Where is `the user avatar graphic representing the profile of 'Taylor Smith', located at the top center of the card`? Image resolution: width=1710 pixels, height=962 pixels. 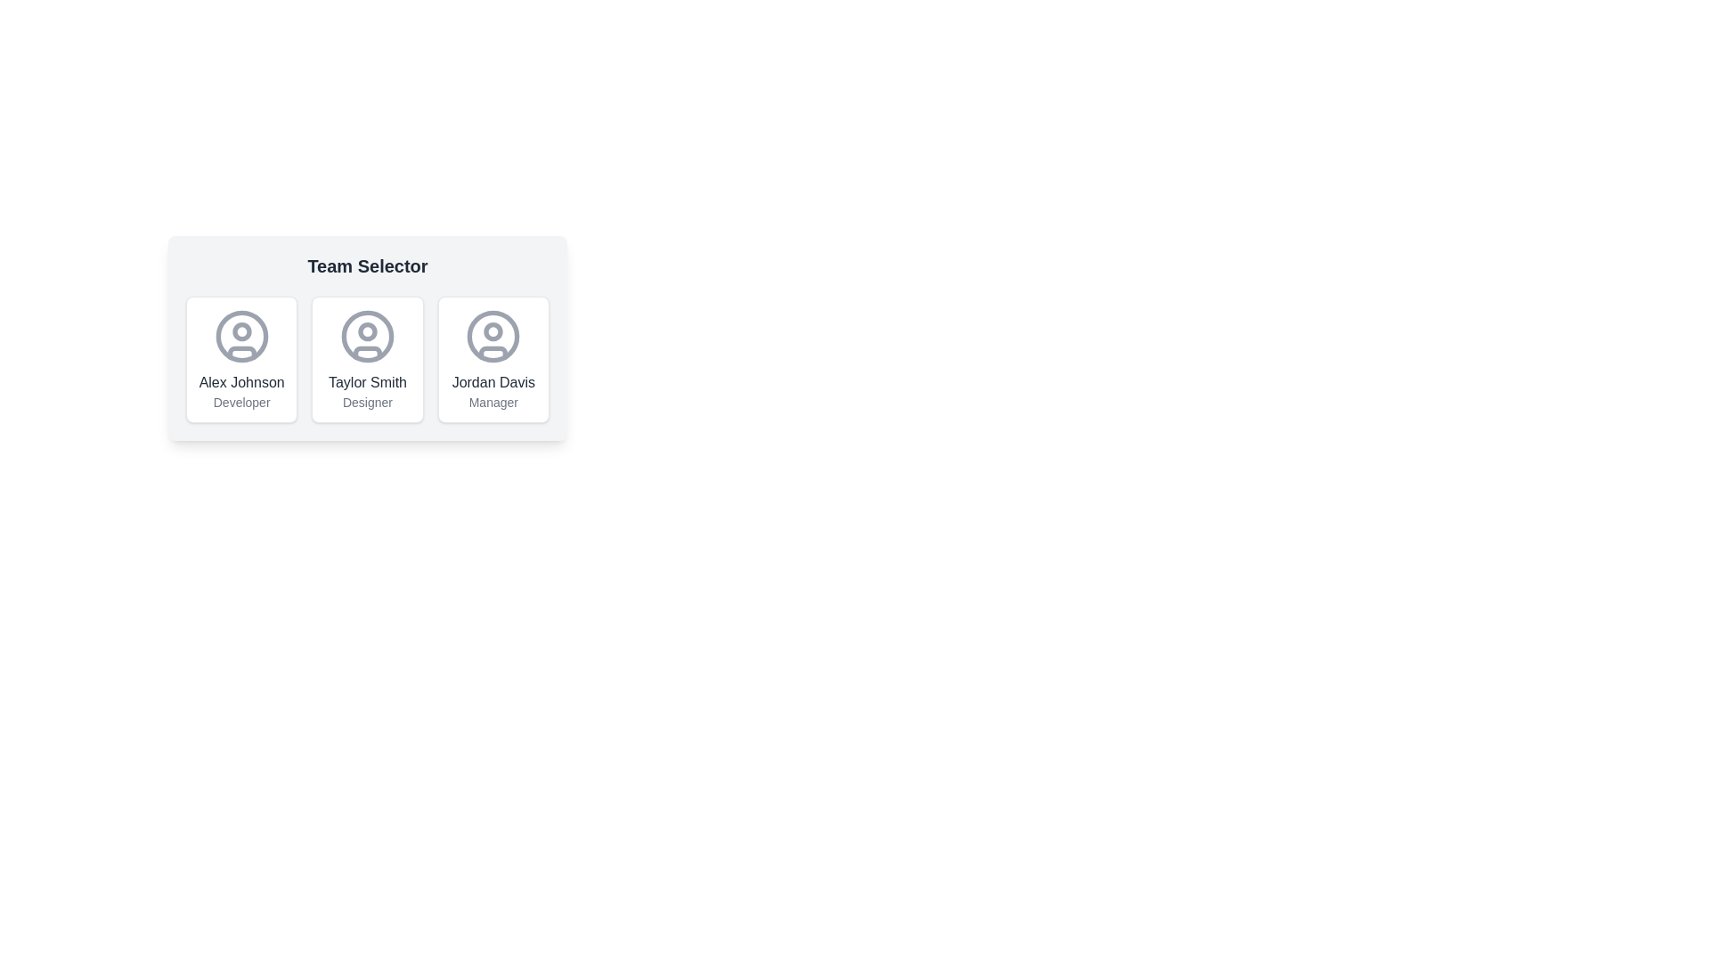 the user avatar graphic representing the profile of 'Taylor Smith', located at the top center of the card is located at coordinates (366, 337).